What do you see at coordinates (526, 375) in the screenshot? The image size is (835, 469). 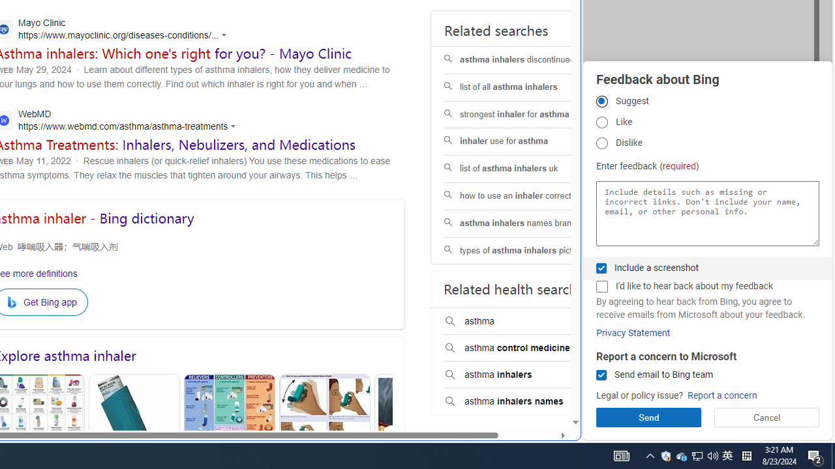 I see `'asthma inhalers'` at bounding box center [526, 375].